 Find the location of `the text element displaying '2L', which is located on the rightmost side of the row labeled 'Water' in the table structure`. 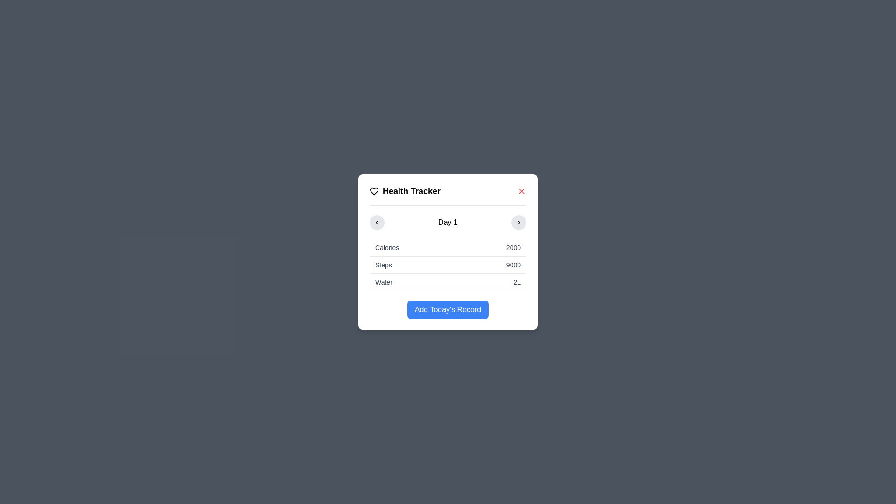

the text element displaying '2L', which is located on the rightmost side of the row labeled 'Water' in the table structure is located at coordinates (517, 282).